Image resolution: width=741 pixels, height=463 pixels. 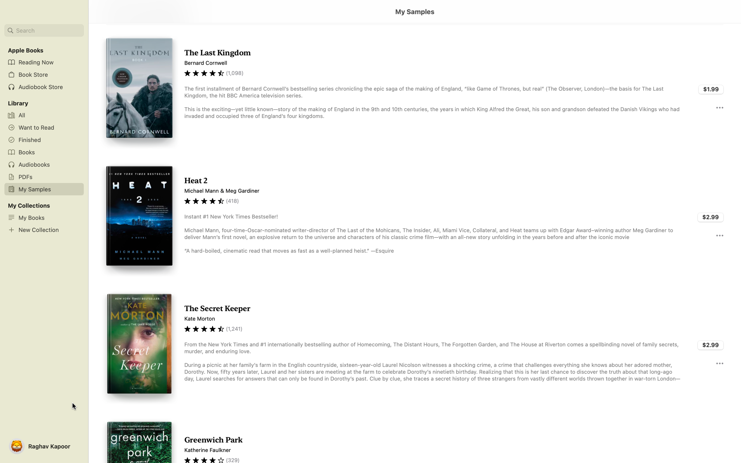 What do you see at coordinates (414, 88) in the screenshot?
I see `a double mouse click to read the preview of Last Kingdom` at bounding box center [414, 88].